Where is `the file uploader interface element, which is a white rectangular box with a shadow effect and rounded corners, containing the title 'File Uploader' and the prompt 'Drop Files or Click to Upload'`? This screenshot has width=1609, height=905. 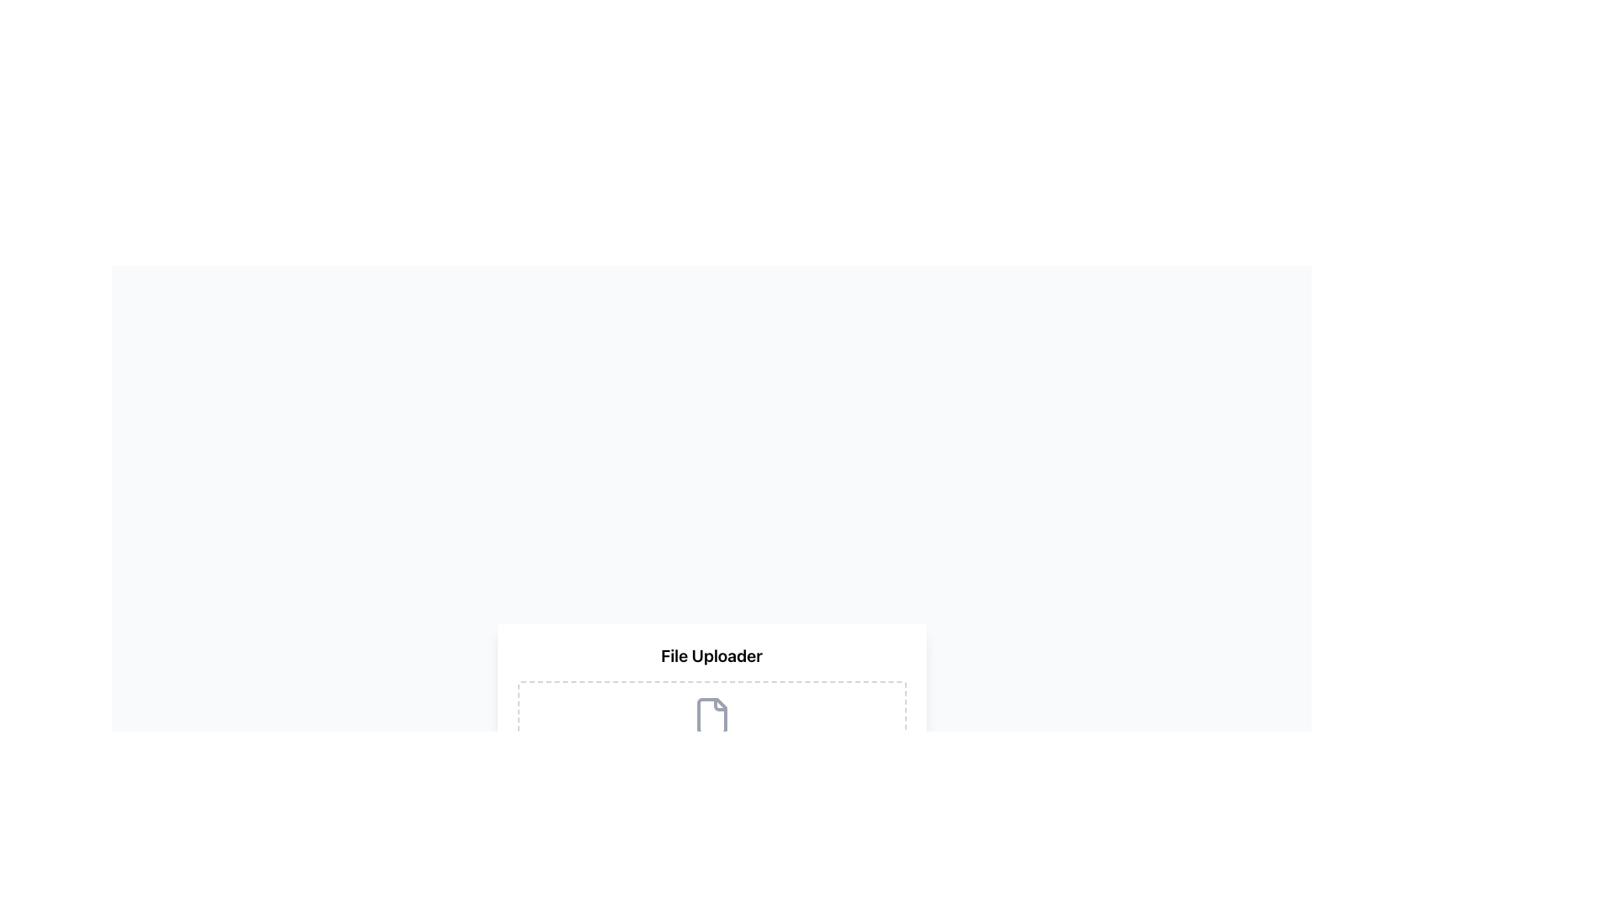
the file uploader interface element, which is a white rectangular box with a shadow effect and rounded corners, containing the title 'File Uploader' and the prompt 'Drop Files or Click to Upload' is located at coordinates (711, 716).